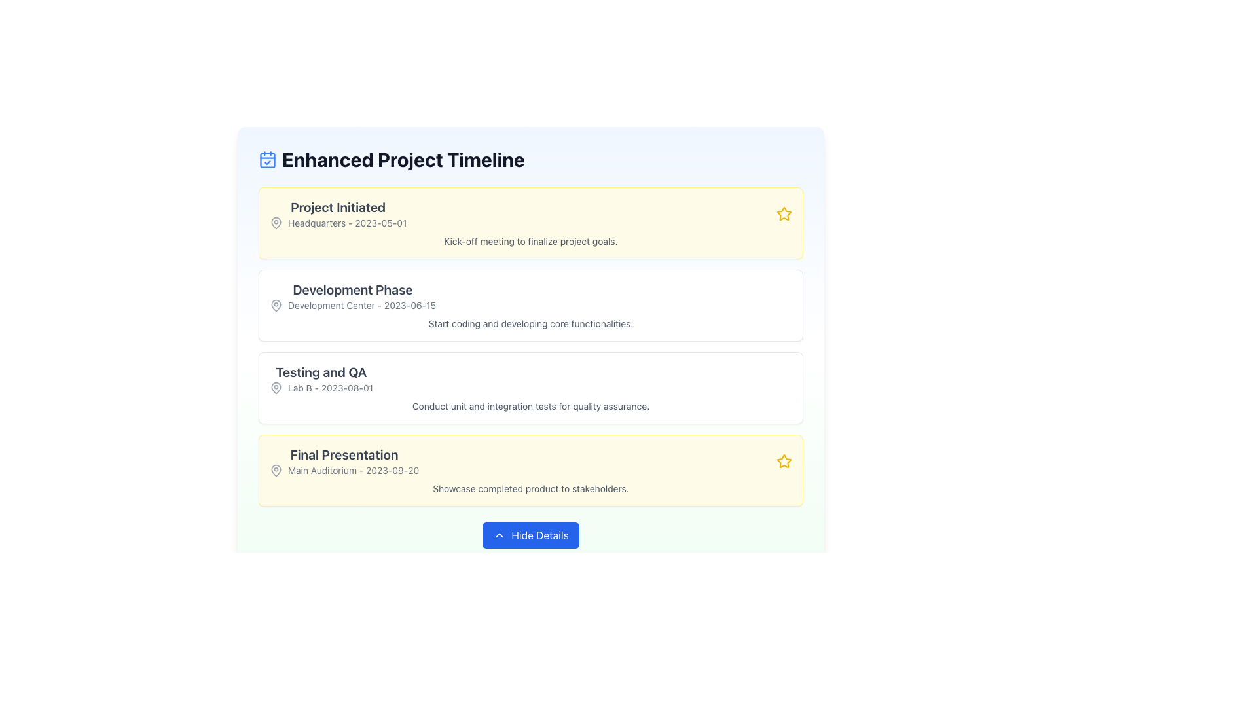 Image resolution: width=1257 pixels, height=707 pixels. Describe the element at coordinates (276, 469) in the screenshot. I see `the map pin icon with a circular outline and a filled center, located next to the text 'Main Auditorium - 2023-09-20' in the 'Final Presentation' section` at that location.